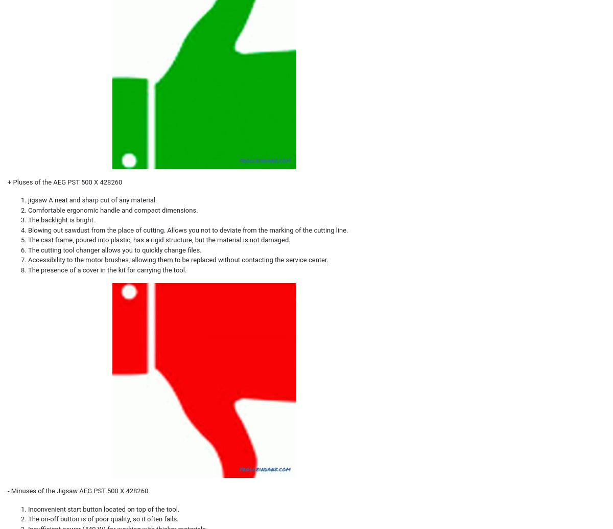 This screenshot has width=613, height=529. Describe the element at coordinates (114, 249) in the screenshot. I see `'The cutting tool changer allows you to quickly change files.'` at that location.